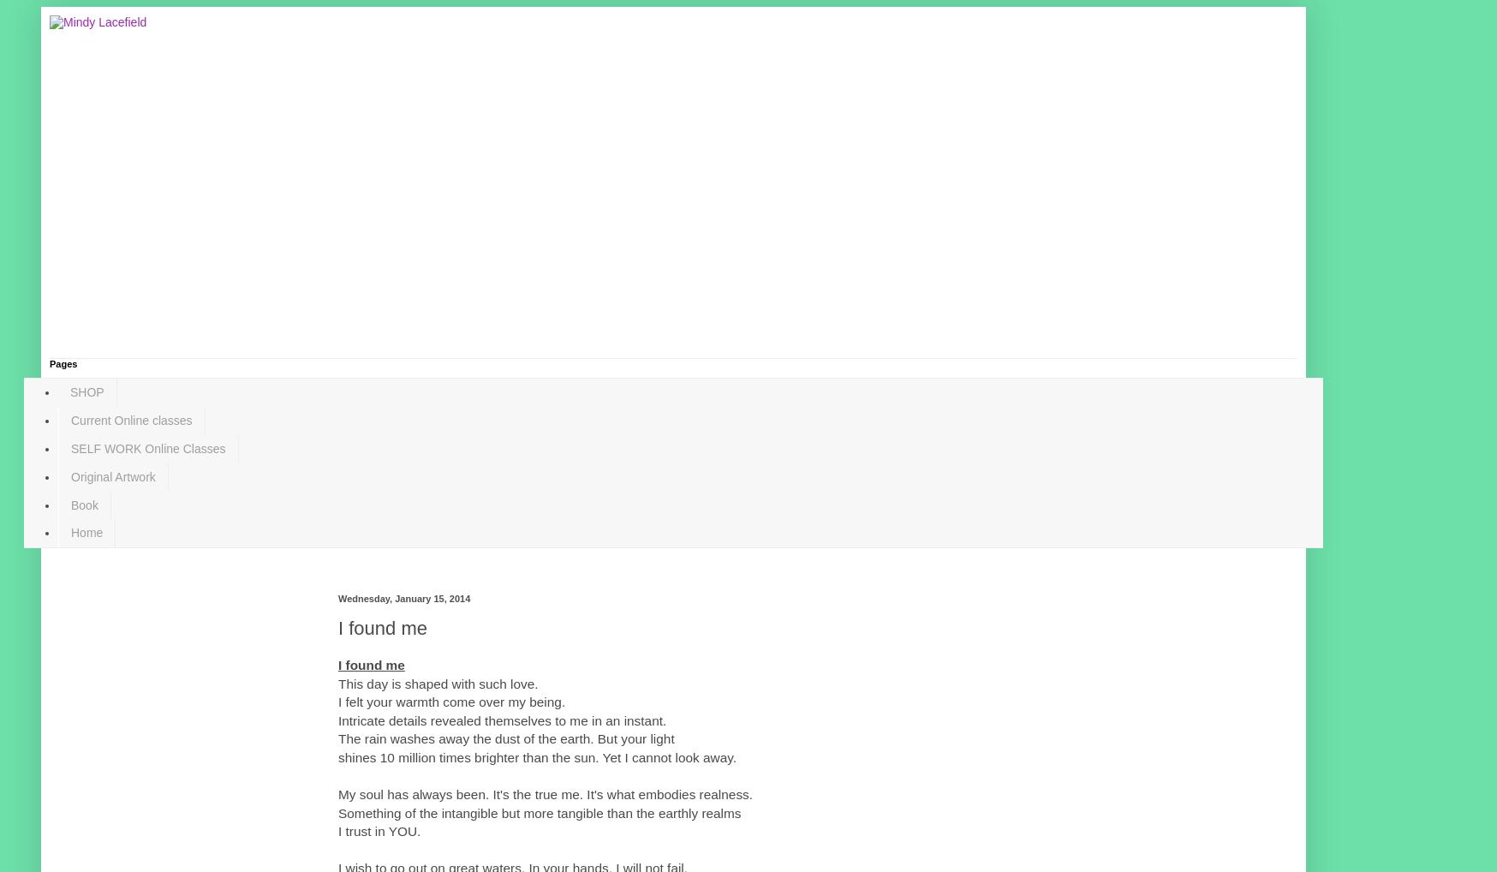 Image resolution: width=1497 pixels, height=872 pixels. What do you see at coordinates (338, 738) in the screenshot?
I see `'The rain washes away the dust of the earth. But your light'` at bounding box center [338, 738].